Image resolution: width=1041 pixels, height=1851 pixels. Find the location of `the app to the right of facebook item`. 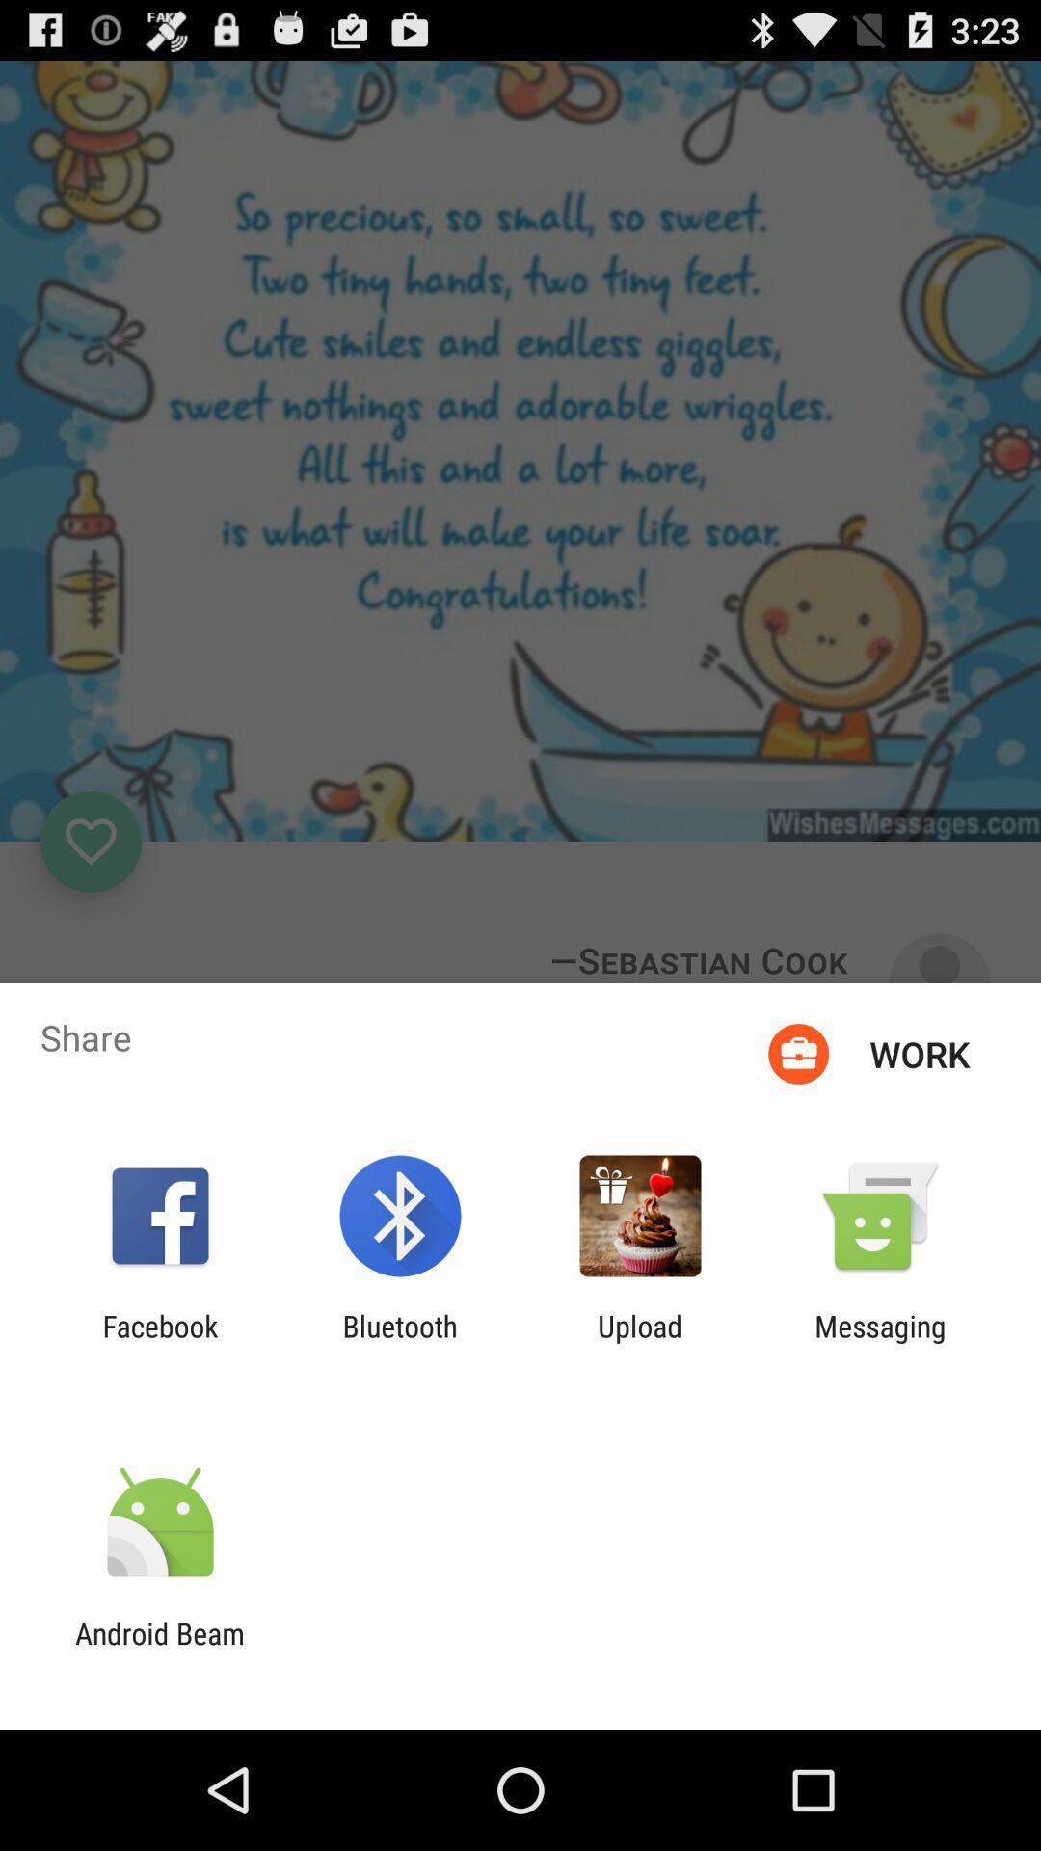

the app to the right of facebook item is located at coordinates (399, 1342).